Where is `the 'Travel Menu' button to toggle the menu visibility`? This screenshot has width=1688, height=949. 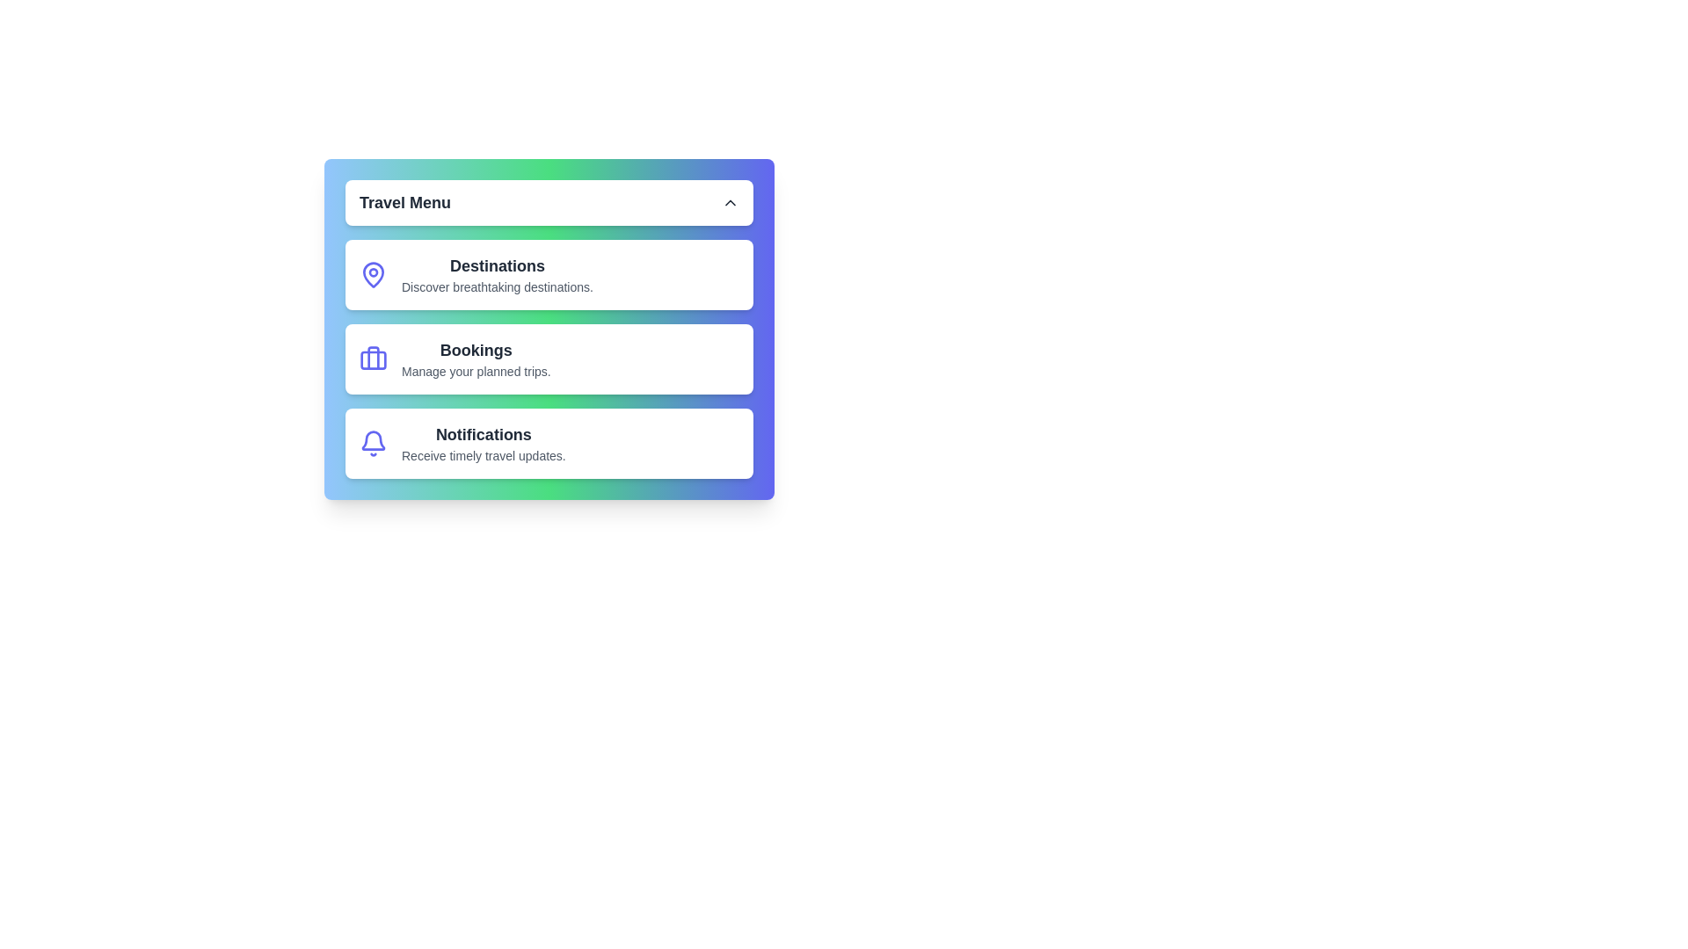
the 'Travel Menu' button to toggle the menu visibility is located at coordinates (548, 202).